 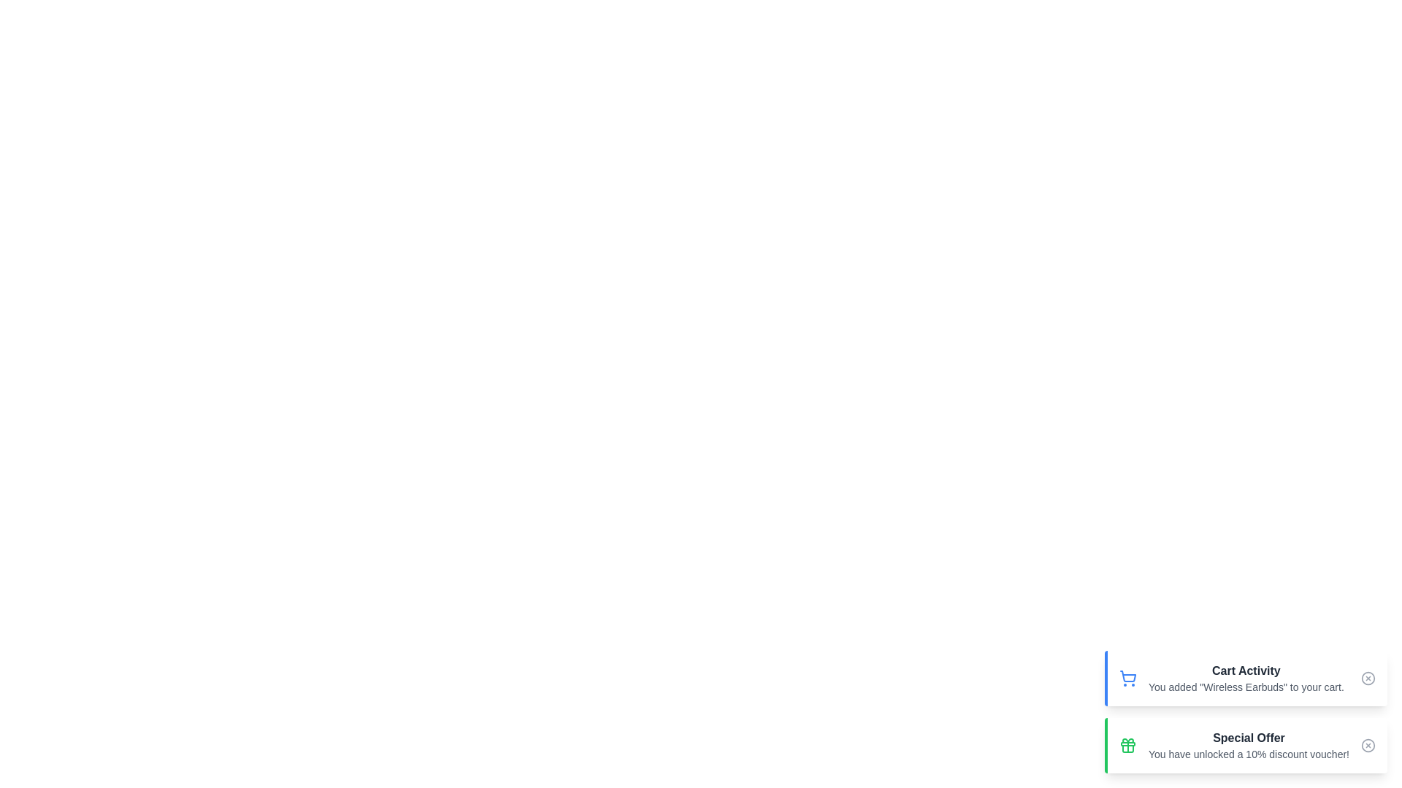 I want to click on the notification Special Offer to observe hover effects, so click(x=1244, y=746).